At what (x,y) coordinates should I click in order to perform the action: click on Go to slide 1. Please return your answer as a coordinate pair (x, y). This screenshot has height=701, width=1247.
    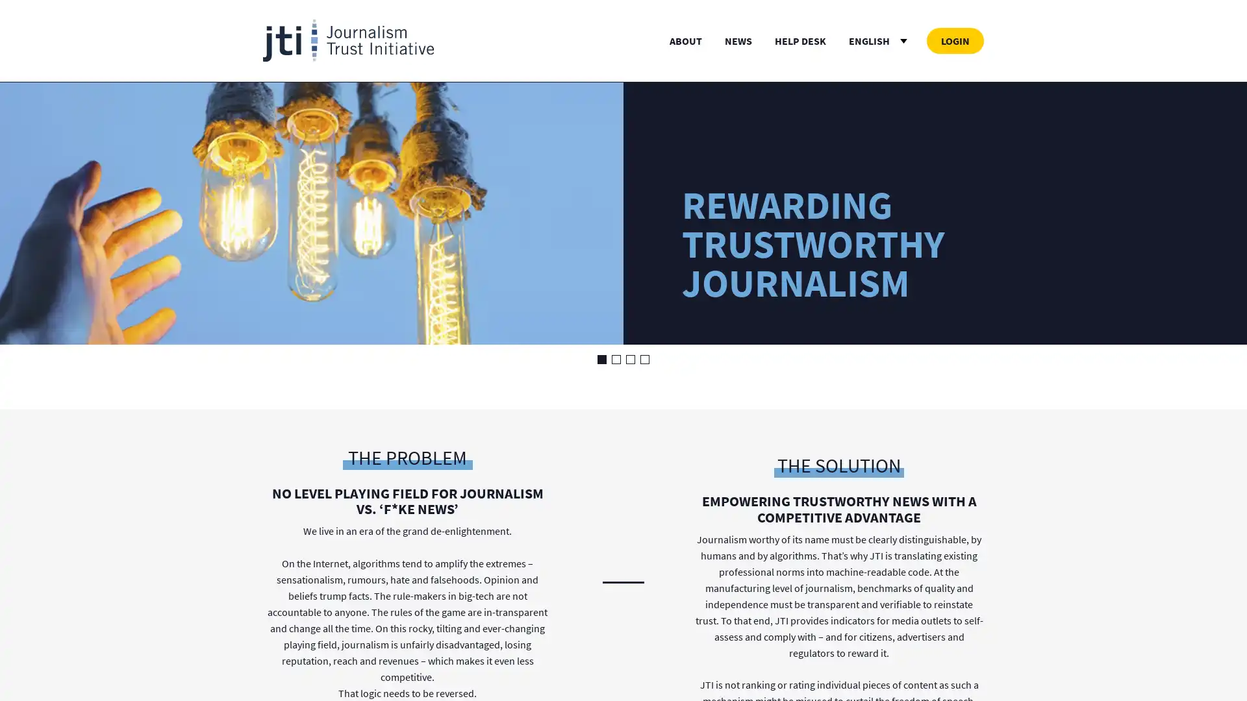
    Looking at the image, I should click on (601, 360).